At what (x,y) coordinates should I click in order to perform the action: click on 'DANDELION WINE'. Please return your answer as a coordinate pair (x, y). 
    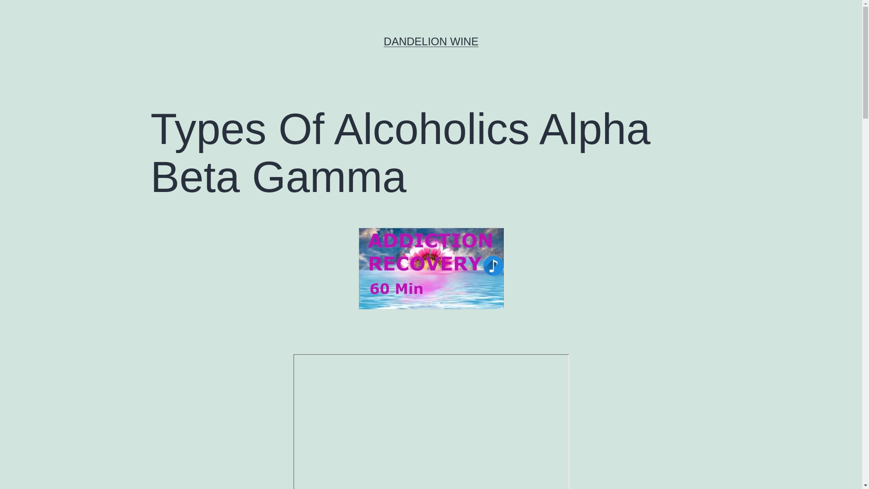
    Looking at the image, I should click on (430, 41).